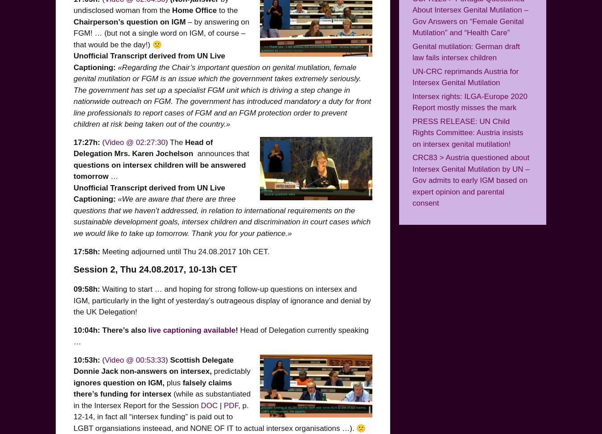  I want to click on 'Head of Delegation currently speaking …', so click(73, 336).